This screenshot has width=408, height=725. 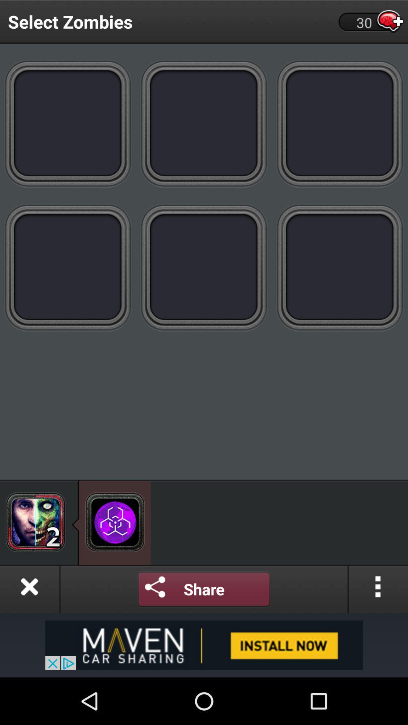 I want to click on the close icon, so click(x=29, y=631).